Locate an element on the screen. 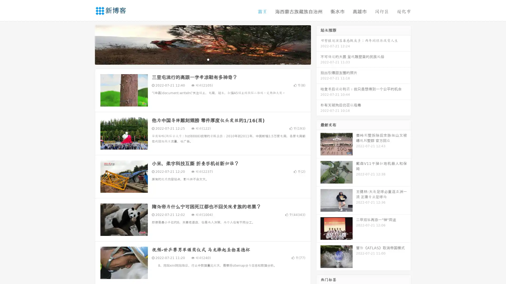  Go to slide 2 is located at coordinates (202, 59).